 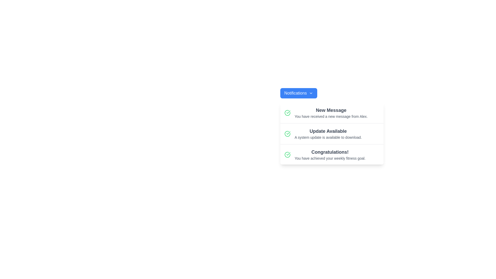 What do you see at coordinates (328, 137) in the screenshot?
I see `the static text label that reads 'A system update is available to download.', which is located below the bold 'Update Available' text in the notification panel` at bounding box center [328, 137].